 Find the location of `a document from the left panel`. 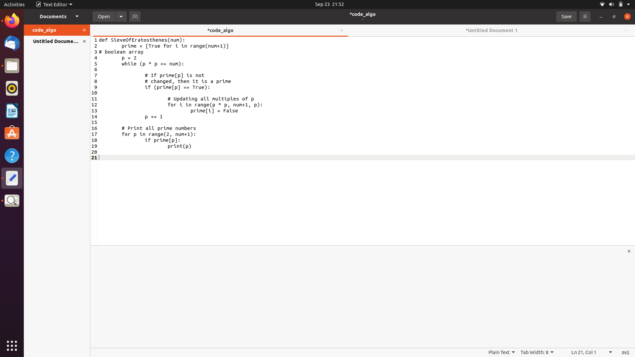

a document from the left panel is located at coordinates (103, 16).